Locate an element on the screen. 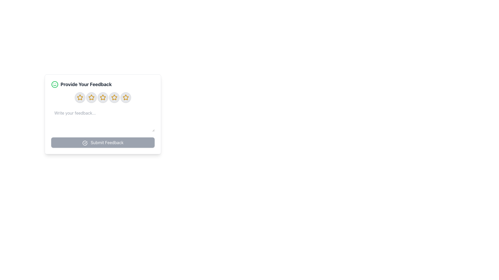  the first star in the rating display, which is part of a feedback provision form located at the top-center of the interface is located at coordinates (80, 97).